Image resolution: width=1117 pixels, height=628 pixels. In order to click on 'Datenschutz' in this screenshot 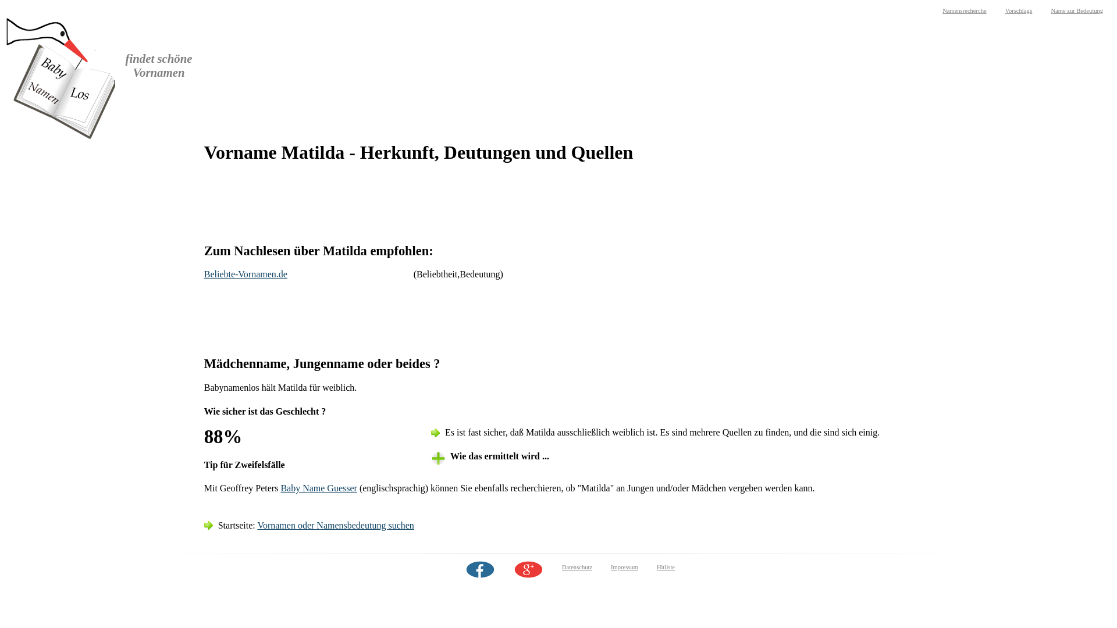, I will do `click(577, 566)`.